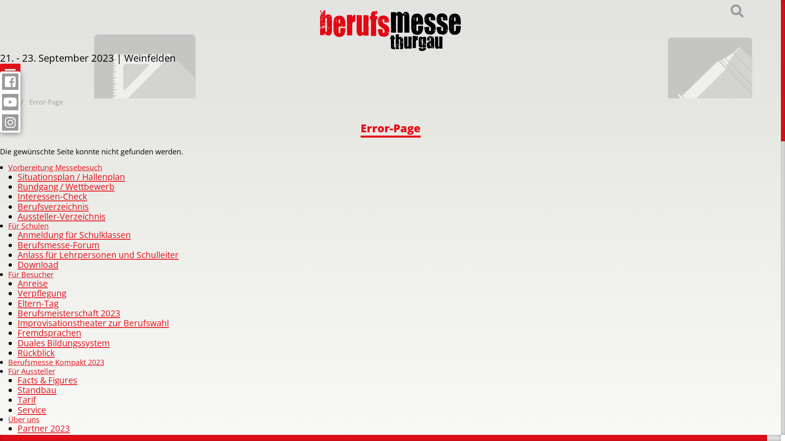 This screenshot has width=785, height=441. I want to click on 'Vorbereitung Messebesuch', so click(54, 167).